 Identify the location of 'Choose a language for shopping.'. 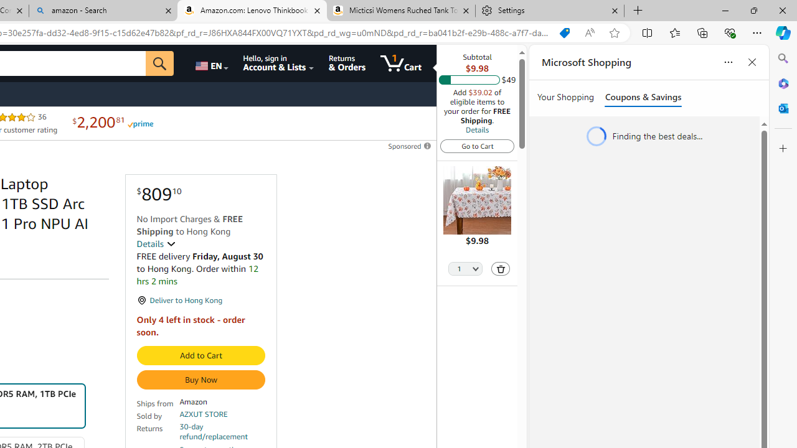
(211, 63).